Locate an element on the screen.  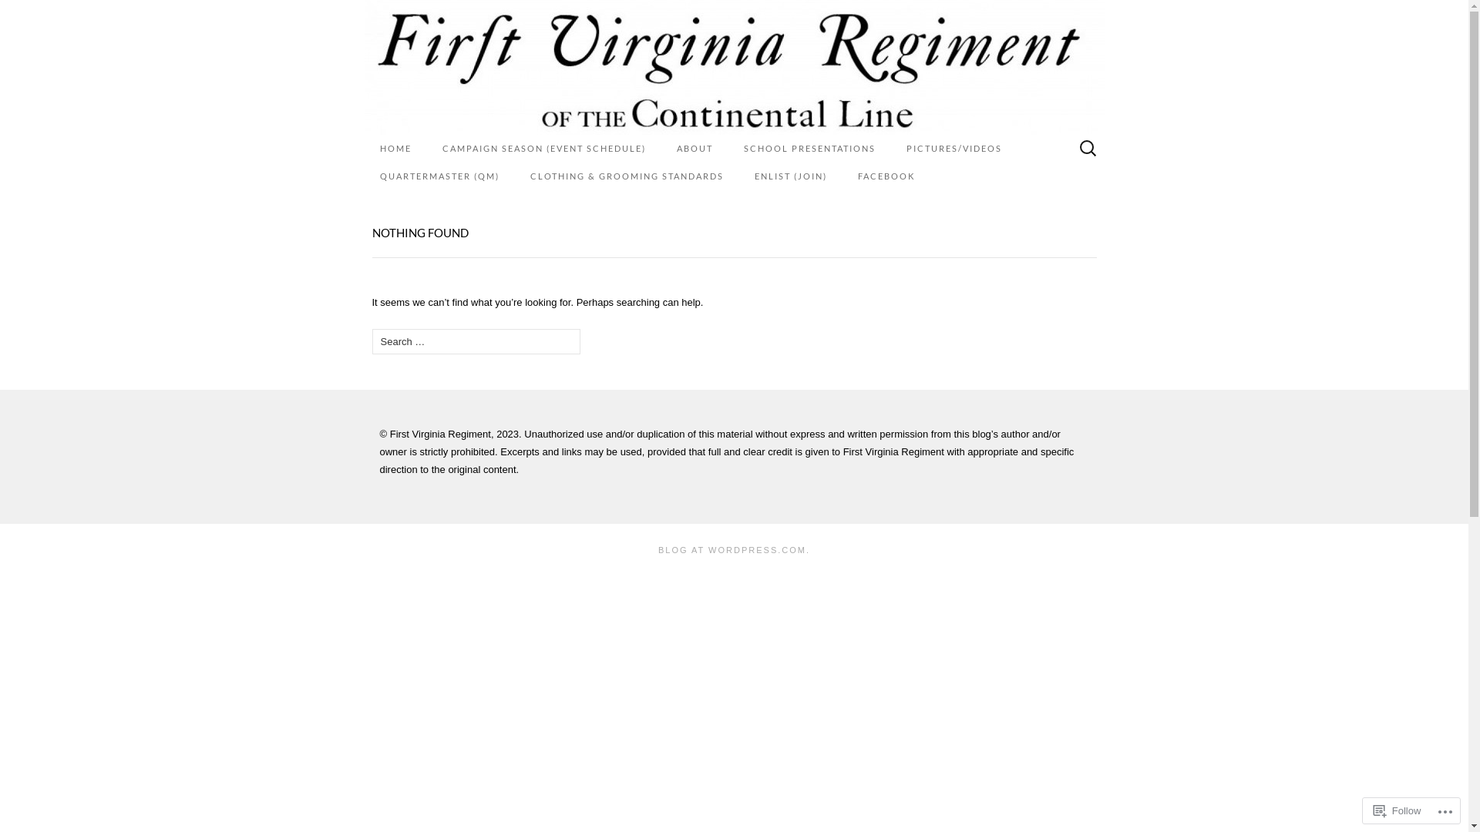
'ENLIST (JOIN)' is located at coordinates (790, 175).